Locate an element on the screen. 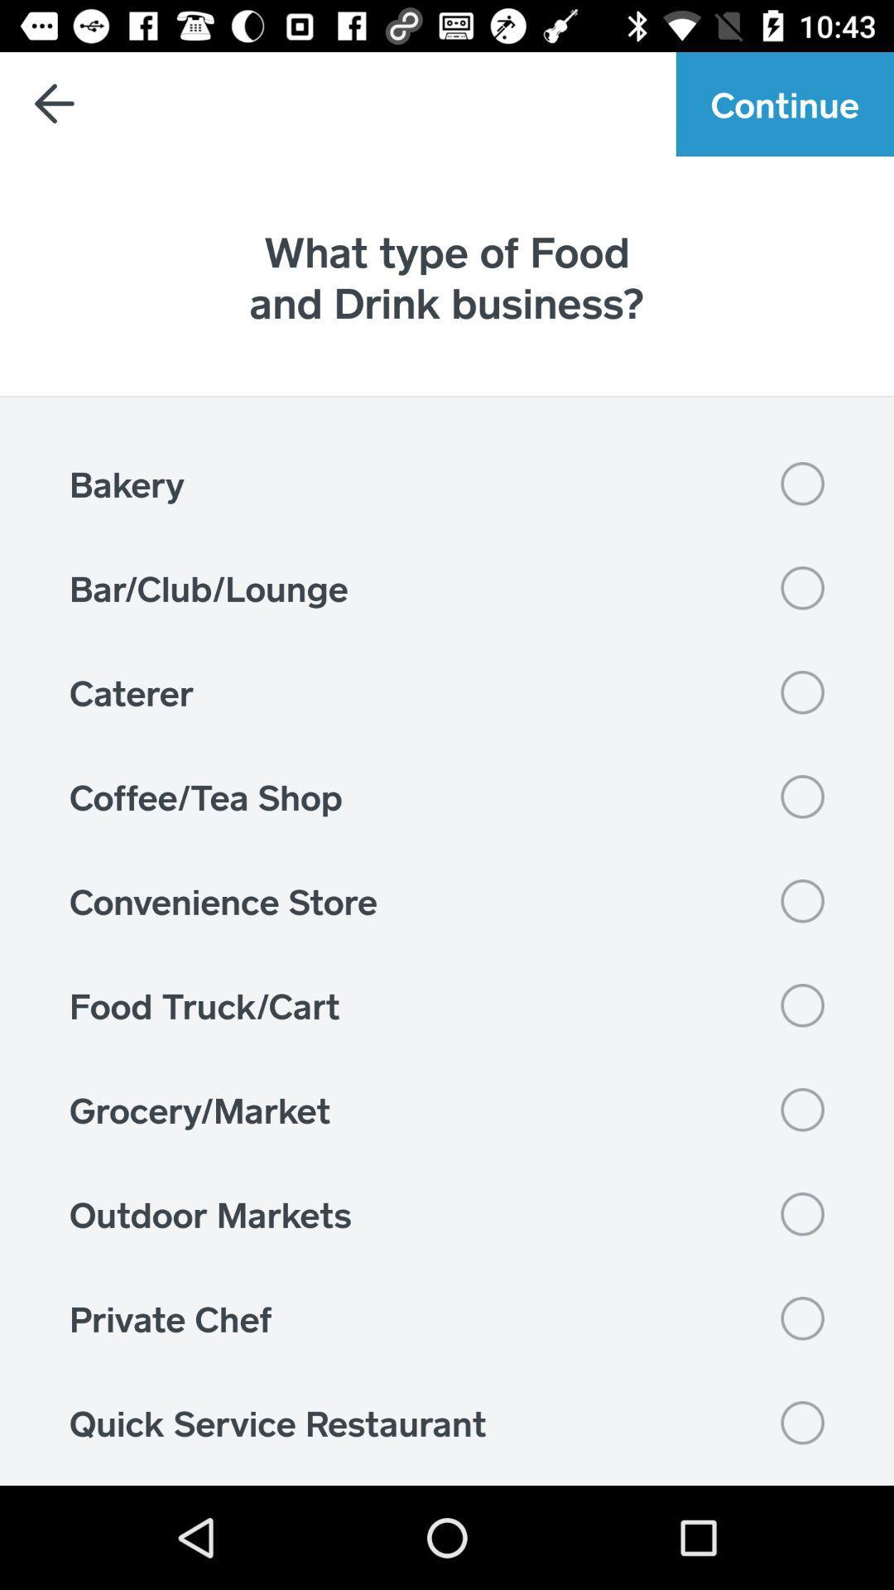 Image resolution: width=894 pixels, height=1590 pixels. the item below bar/club/lounge is located at coordinates (447, 692).